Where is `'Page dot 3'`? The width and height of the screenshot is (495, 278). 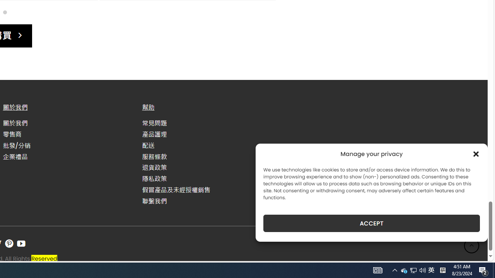
'Page dot 3' is located at coordinates (5, 12).